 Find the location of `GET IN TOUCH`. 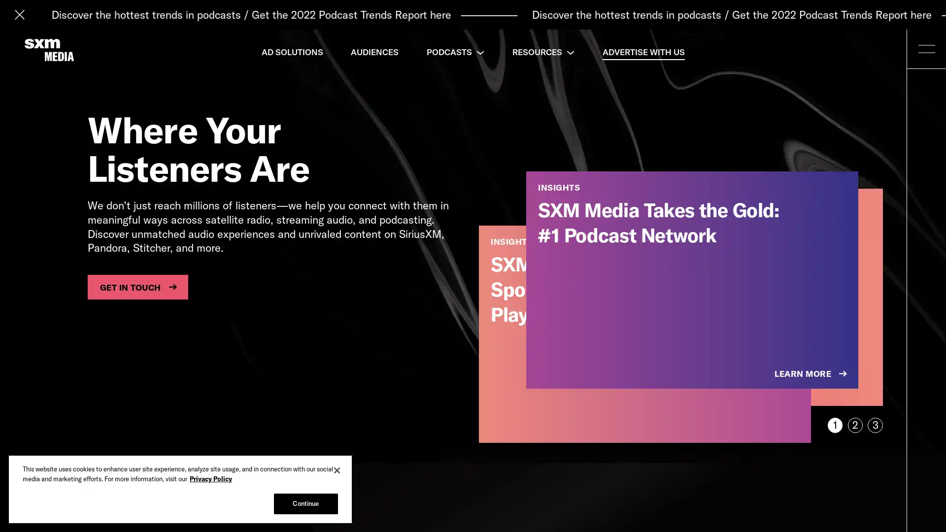

GET IN TOUCH is located at coordinates (137, 287).